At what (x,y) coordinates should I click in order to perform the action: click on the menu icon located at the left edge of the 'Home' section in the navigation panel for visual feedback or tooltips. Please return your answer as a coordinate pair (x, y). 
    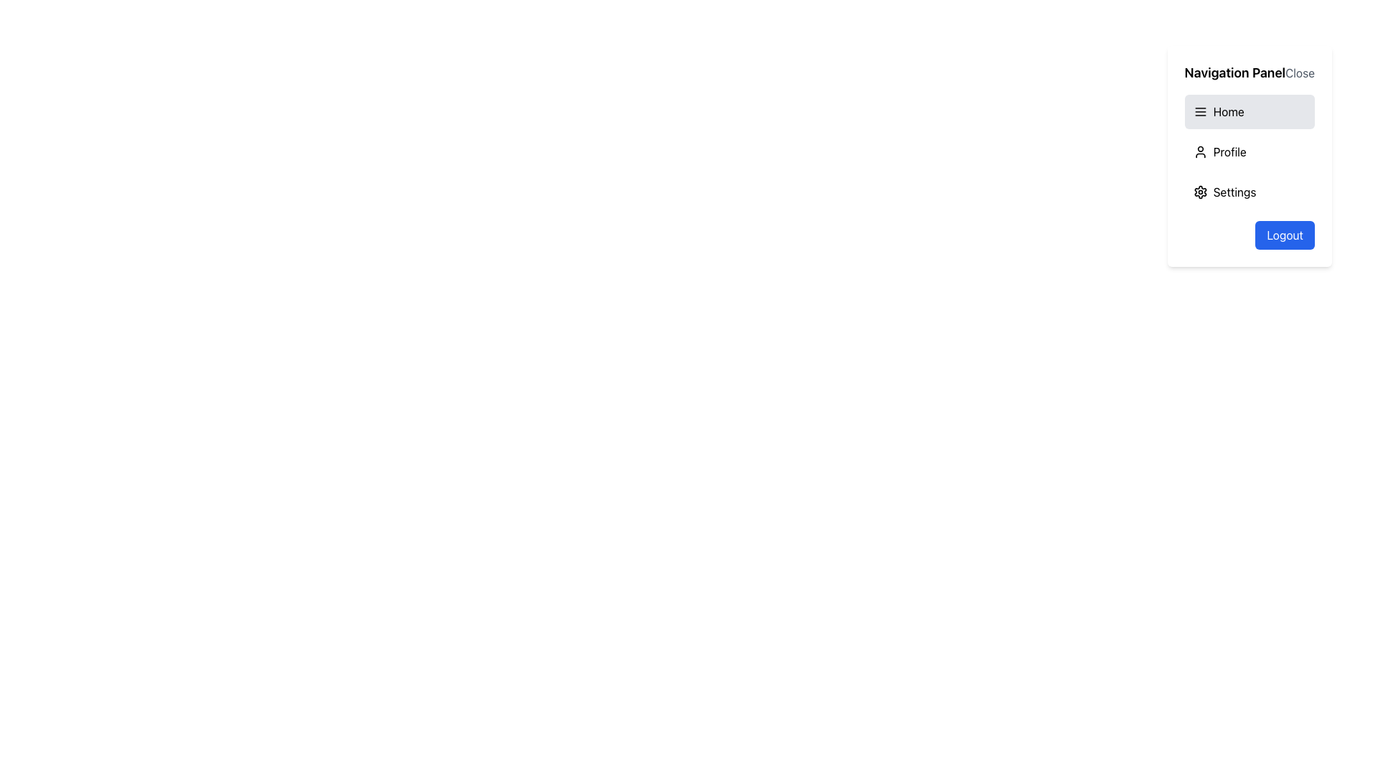
    Looking at the image, I should click on (1200, 111).